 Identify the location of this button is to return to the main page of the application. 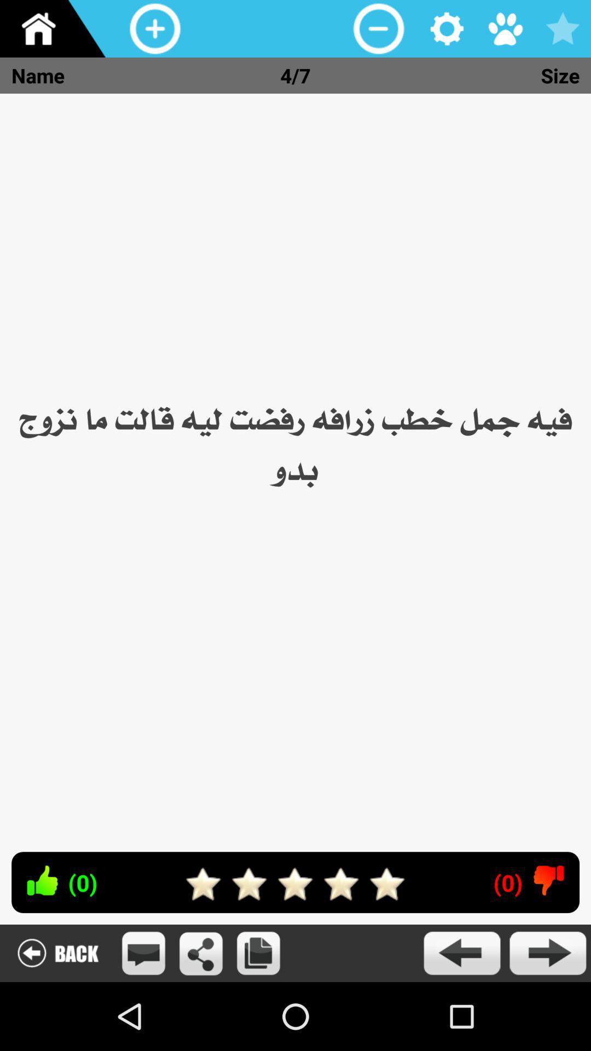
(57, 28).